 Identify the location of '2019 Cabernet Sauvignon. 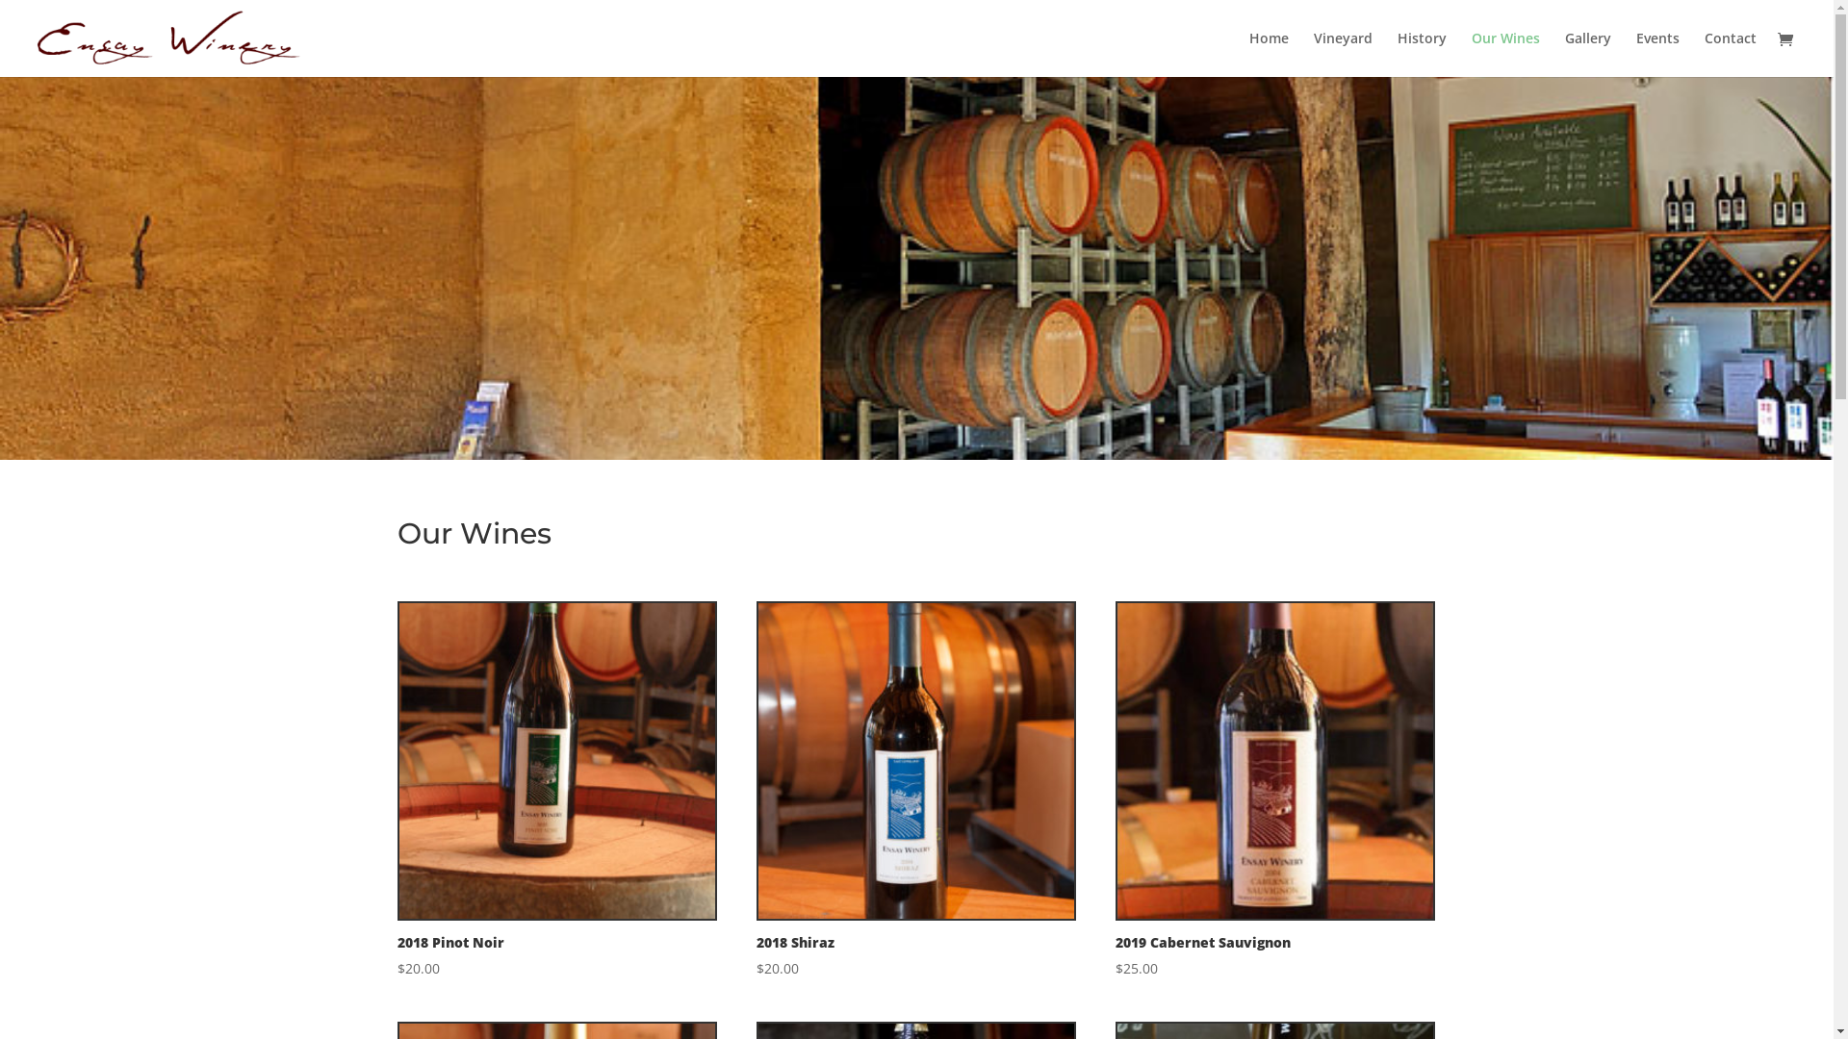
(1274, 791).